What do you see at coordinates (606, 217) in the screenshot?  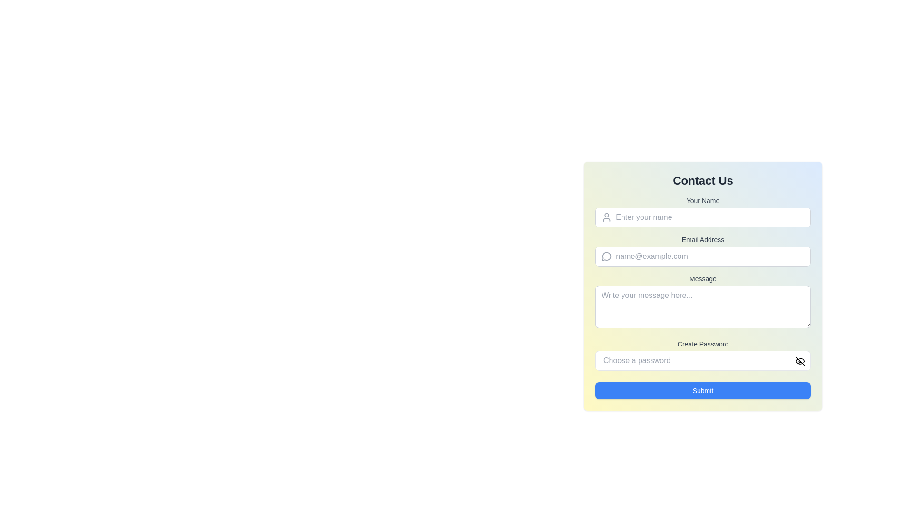 I see `the user icon, which is a simple line illustration of a person with a light gray outline, located to the left of the text input field for entering a user's name` at bounding box center [606, 217].